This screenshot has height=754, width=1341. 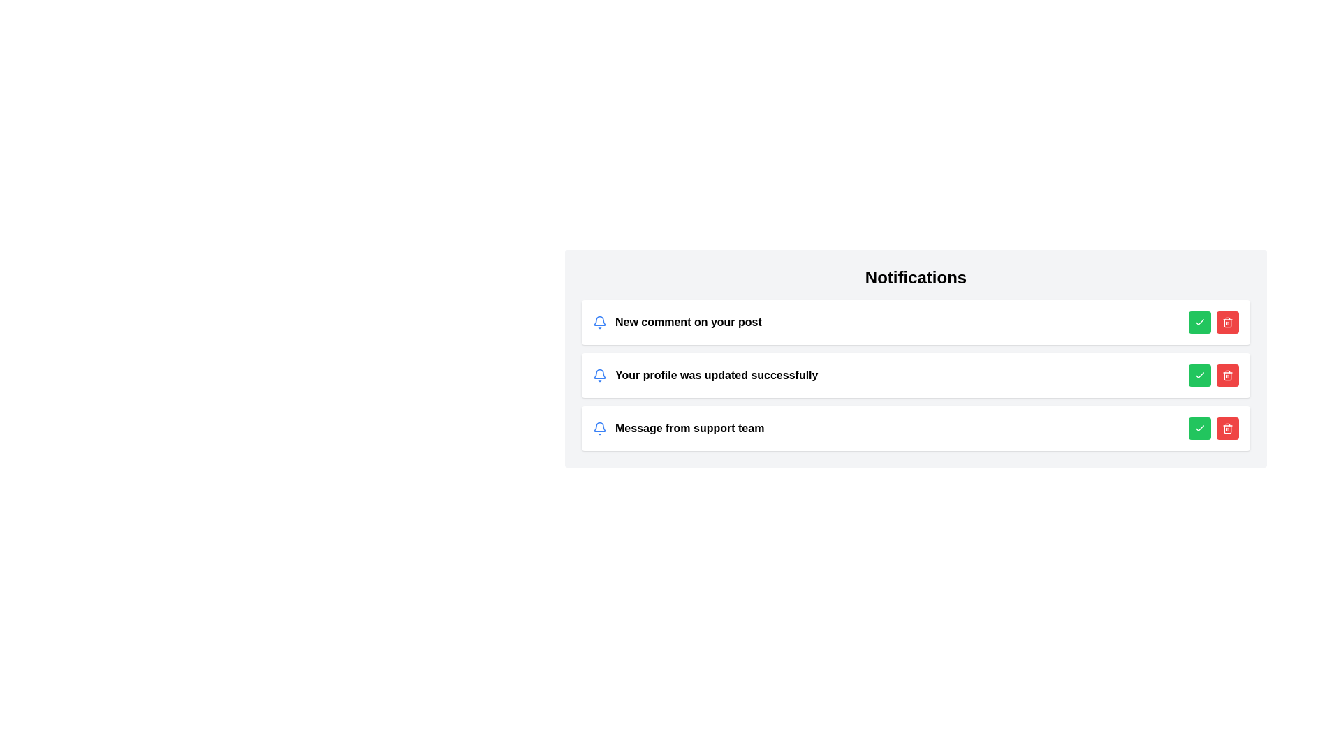 I want to click on the delete button for the notification with text Message from support team, so click(x=1226, y=427).